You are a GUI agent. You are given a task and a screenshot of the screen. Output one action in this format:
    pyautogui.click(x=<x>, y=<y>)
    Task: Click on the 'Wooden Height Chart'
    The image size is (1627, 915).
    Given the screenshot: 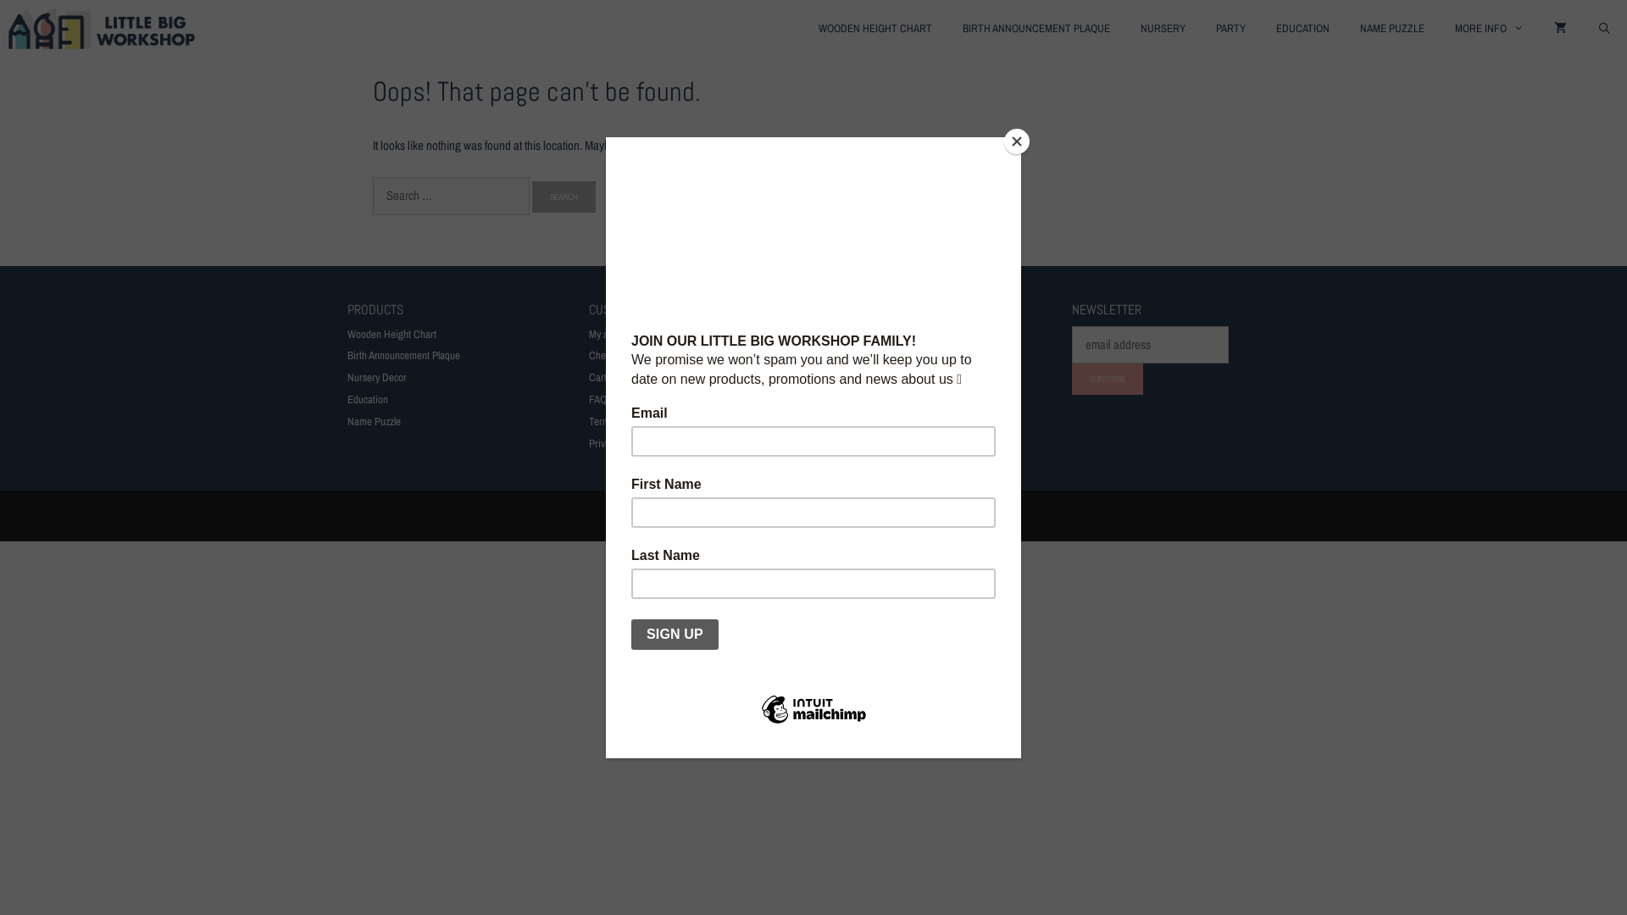 What is the action you would take?
    pyautogui.click(x=391, y=334)
    